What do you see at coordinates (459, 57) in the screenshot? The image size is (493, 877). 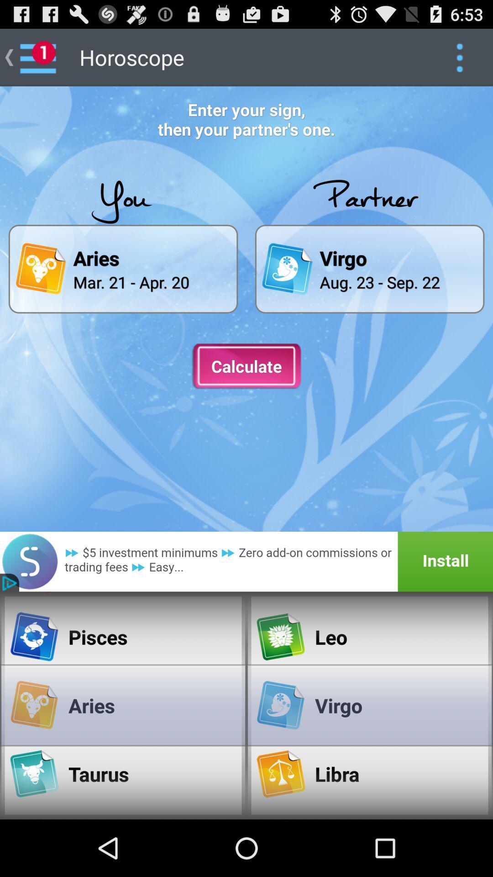 I see `adjust settings` at bounding box center [459, 57].